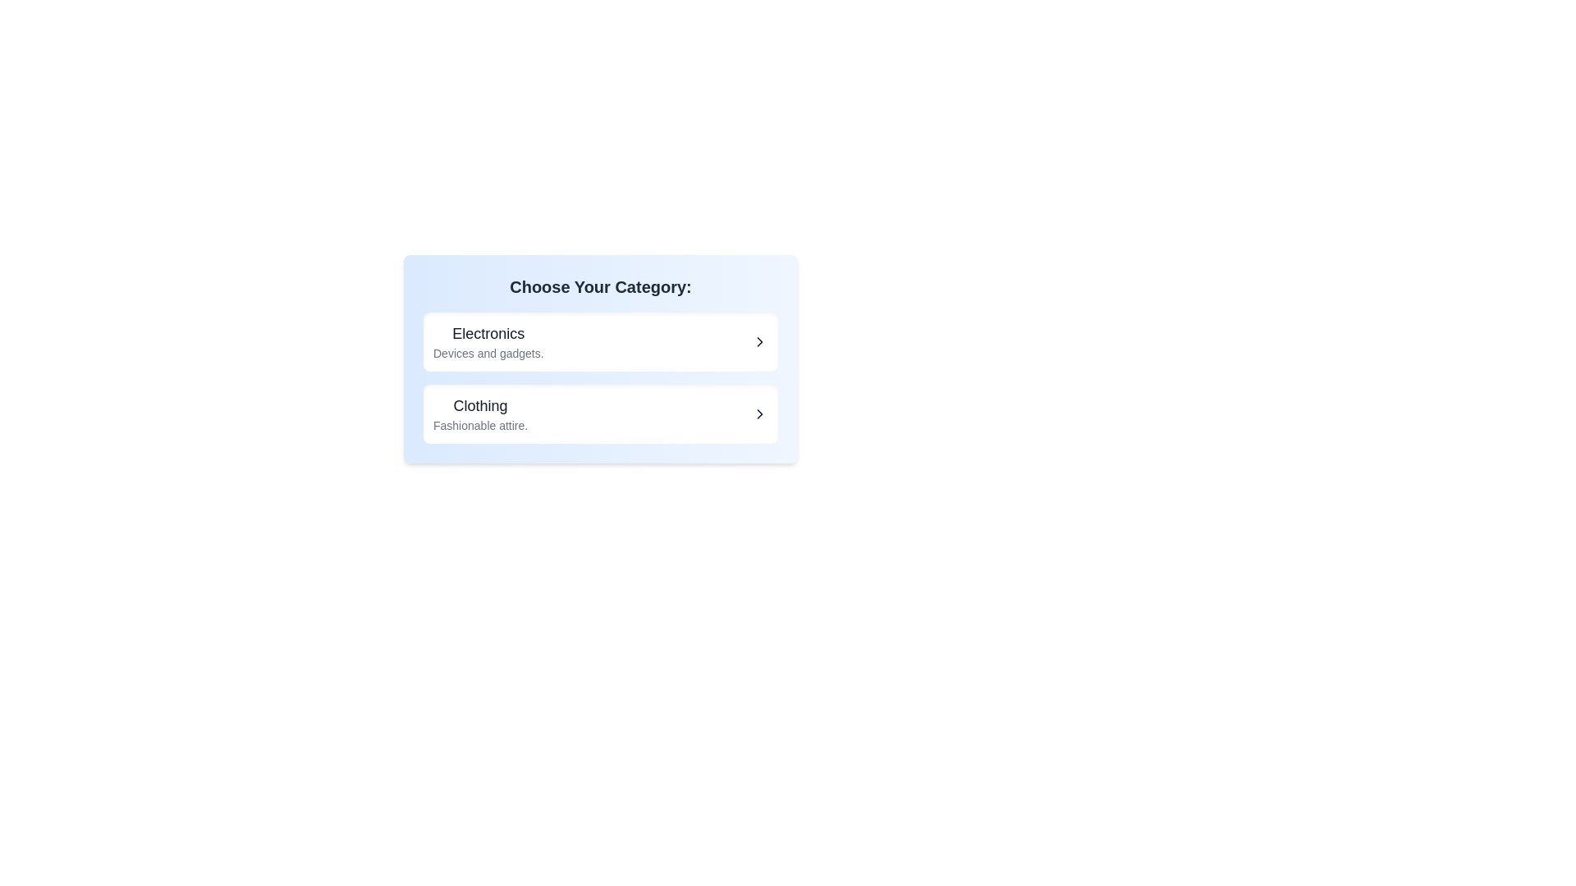 The image size is (1576, 886). Describe the element at coordinates (479, 413) in the screenshot. I see `the second list item under the 'Choose Your Category' header, which is related to clothing and positioned between 'Electronics' and the rightward-pointing arrow icon` at that location.